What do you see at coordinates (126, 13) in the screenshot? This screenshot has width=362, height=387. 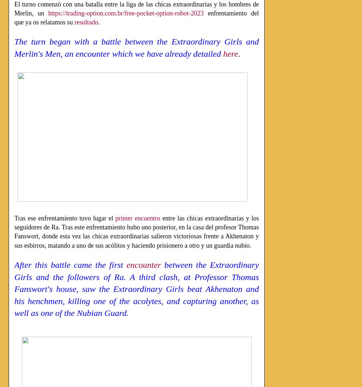 I see `'https://trading-option.com.br/free-pocket-option-robot-2023'` at bounding box center [126, 13].